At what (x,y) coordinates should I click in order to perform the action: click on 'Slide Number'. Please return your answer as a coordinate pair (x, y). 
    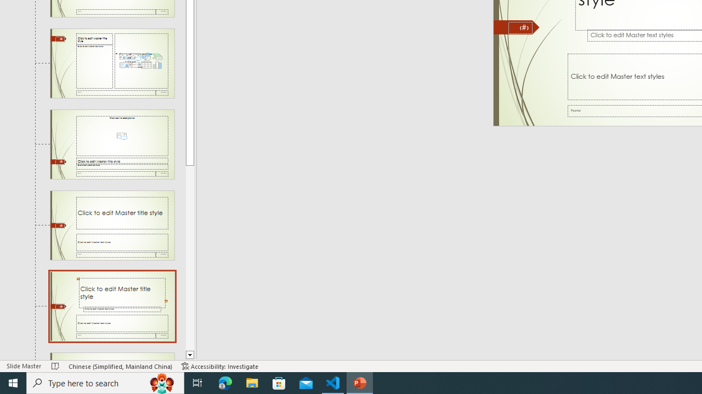
    Looking at the image, I should click on (520, 27).